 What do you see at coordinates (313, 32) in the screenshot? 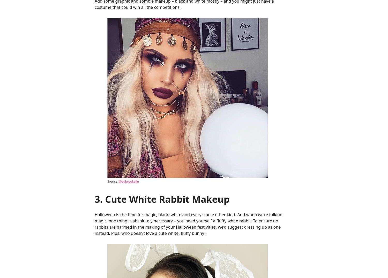
I see `'Fashion'` at bounding box center [313, 32].